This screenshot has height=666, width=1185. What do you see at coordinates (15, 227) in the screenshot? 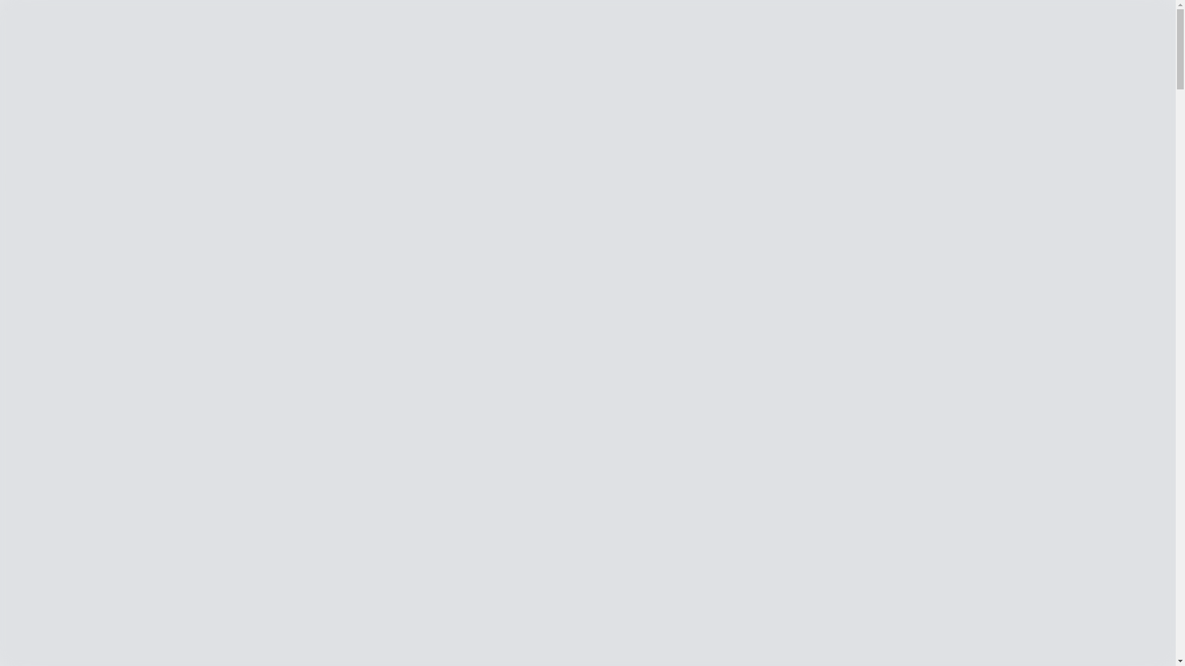
I see `'Shop'` at bounding box center [15, 227].